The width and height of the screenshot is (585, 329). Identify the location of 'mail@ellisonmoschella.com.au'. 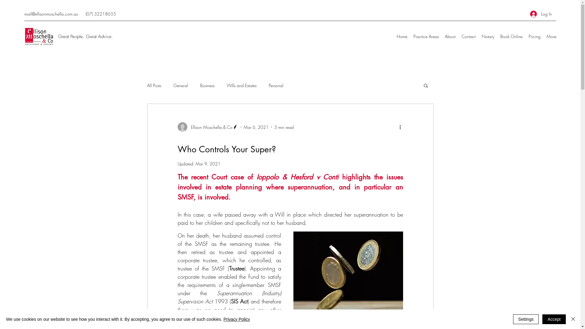
(51, 14).